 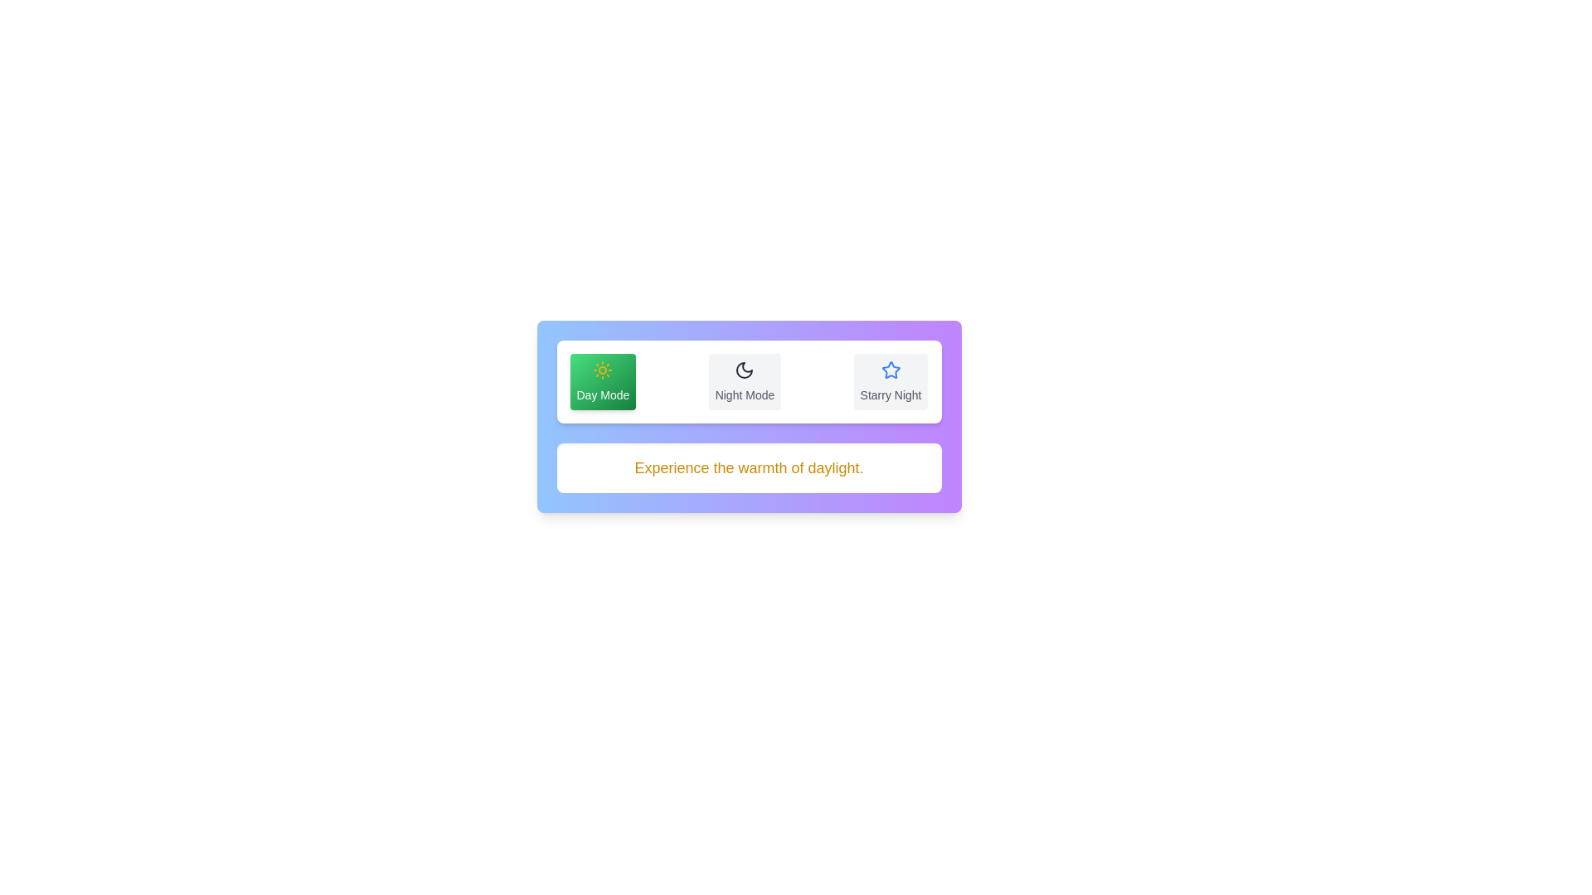 I want to click on the 'Starry Night' icon, which is located to the right of the 'Night Mode' section and above the 'Starry Night' label, so click(x=890, y=370).